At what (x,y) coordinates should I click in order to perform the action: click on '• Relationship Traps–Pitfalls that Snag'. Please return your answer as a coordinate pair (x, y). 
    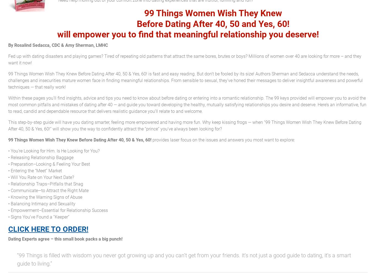
    Looking at the image, I should click on (45, 183).